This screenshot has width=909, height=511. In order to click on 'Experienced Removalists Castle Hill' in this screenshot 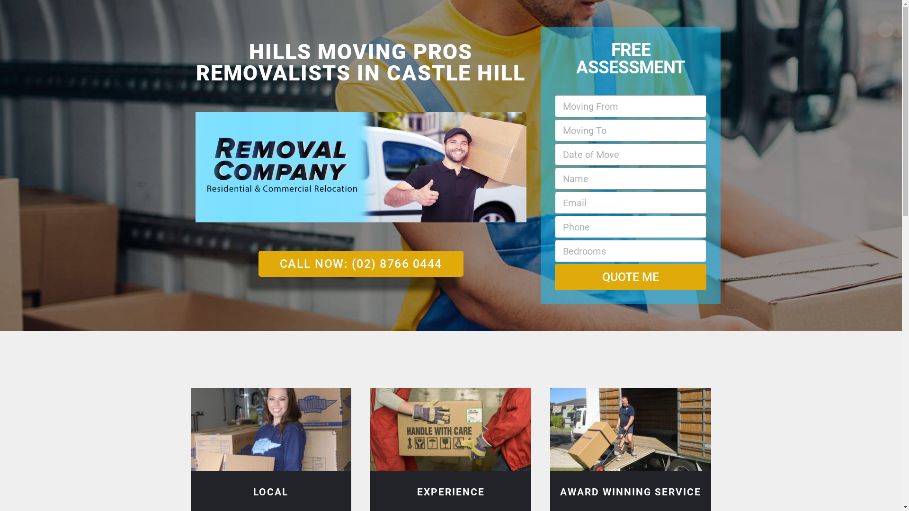, I will do `click(450, 429)`.